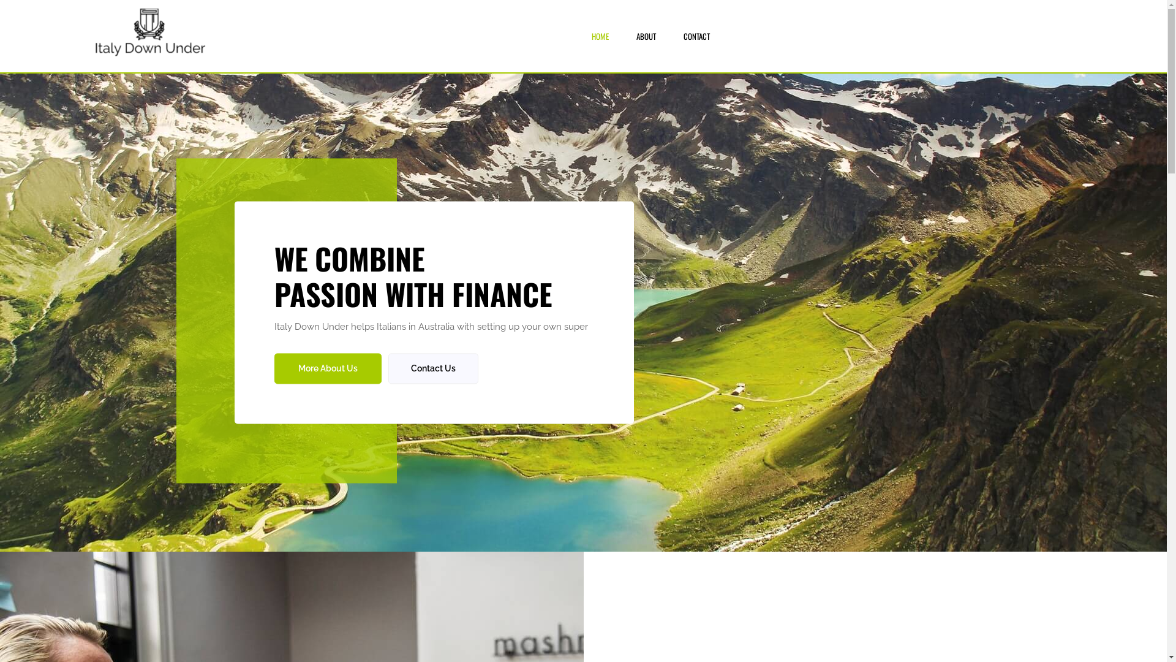  I want to click on 'HOME', so click(600, 35).